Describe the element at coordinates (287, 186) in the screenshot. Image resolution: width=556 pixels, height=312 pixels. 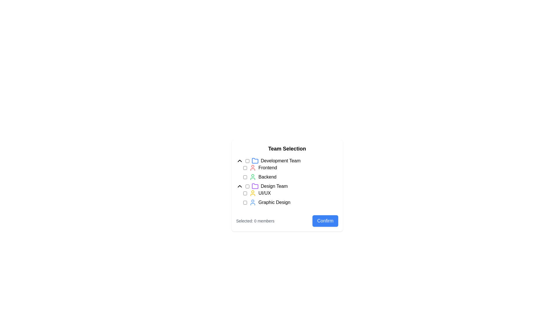
I see `the teams by clicking the checkboxes in the team selection component located in the center of the modal interface` at that location.